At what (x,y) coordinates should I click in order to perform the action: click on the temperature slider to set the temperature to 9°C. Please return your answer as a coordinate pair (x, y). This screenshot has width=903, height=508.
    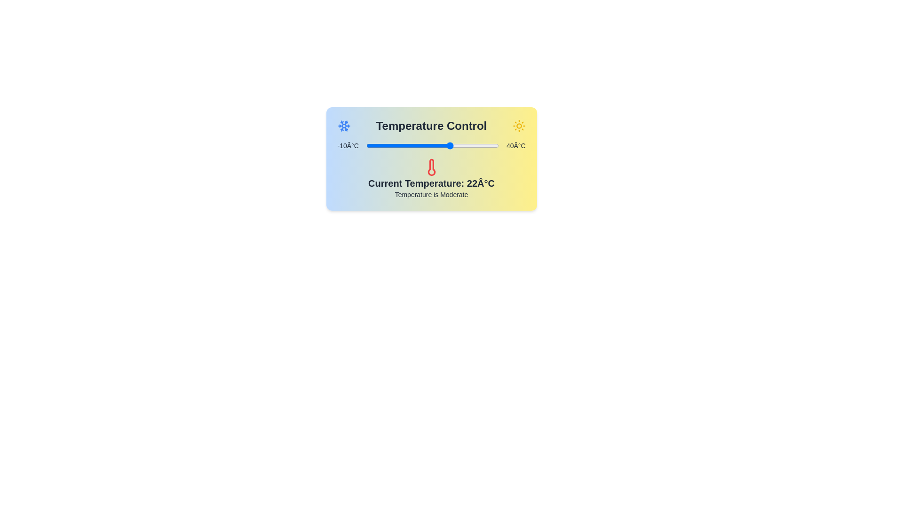
    Looking at the image, I should click on (416, 145).